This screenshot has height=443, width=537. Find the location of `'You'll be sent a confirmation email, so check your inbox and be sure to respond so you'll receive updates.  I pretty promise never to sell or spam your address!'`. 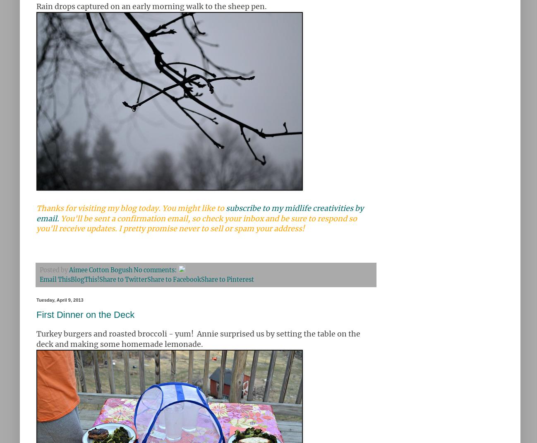

'You'll be sent a confirmation email, so check your inbox and be sure to respond so you'll receive updates.  I pretty promise never to sell or spam your address!' is located at coordinates (197, 223).